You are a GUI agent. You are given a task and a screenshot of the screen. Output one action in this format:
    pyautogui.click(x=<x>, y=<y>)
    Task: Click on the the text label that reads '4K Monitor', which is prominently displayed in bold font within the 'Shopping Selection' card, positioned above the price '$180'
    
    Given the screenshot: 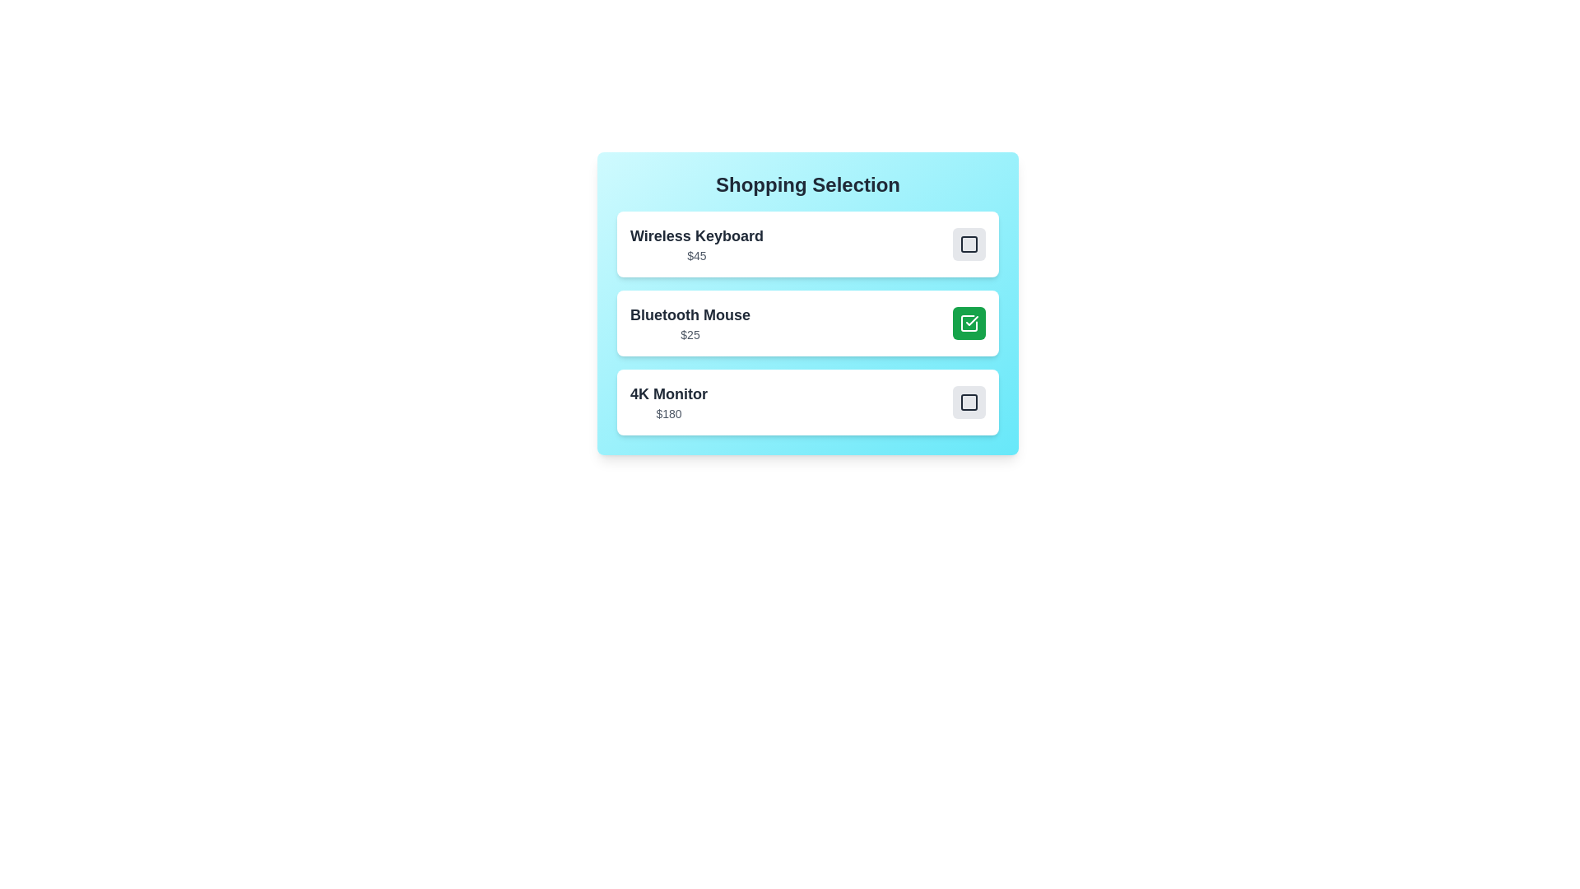 What is the action you would take?
    pyautogui.click(x=668, y=393)
    